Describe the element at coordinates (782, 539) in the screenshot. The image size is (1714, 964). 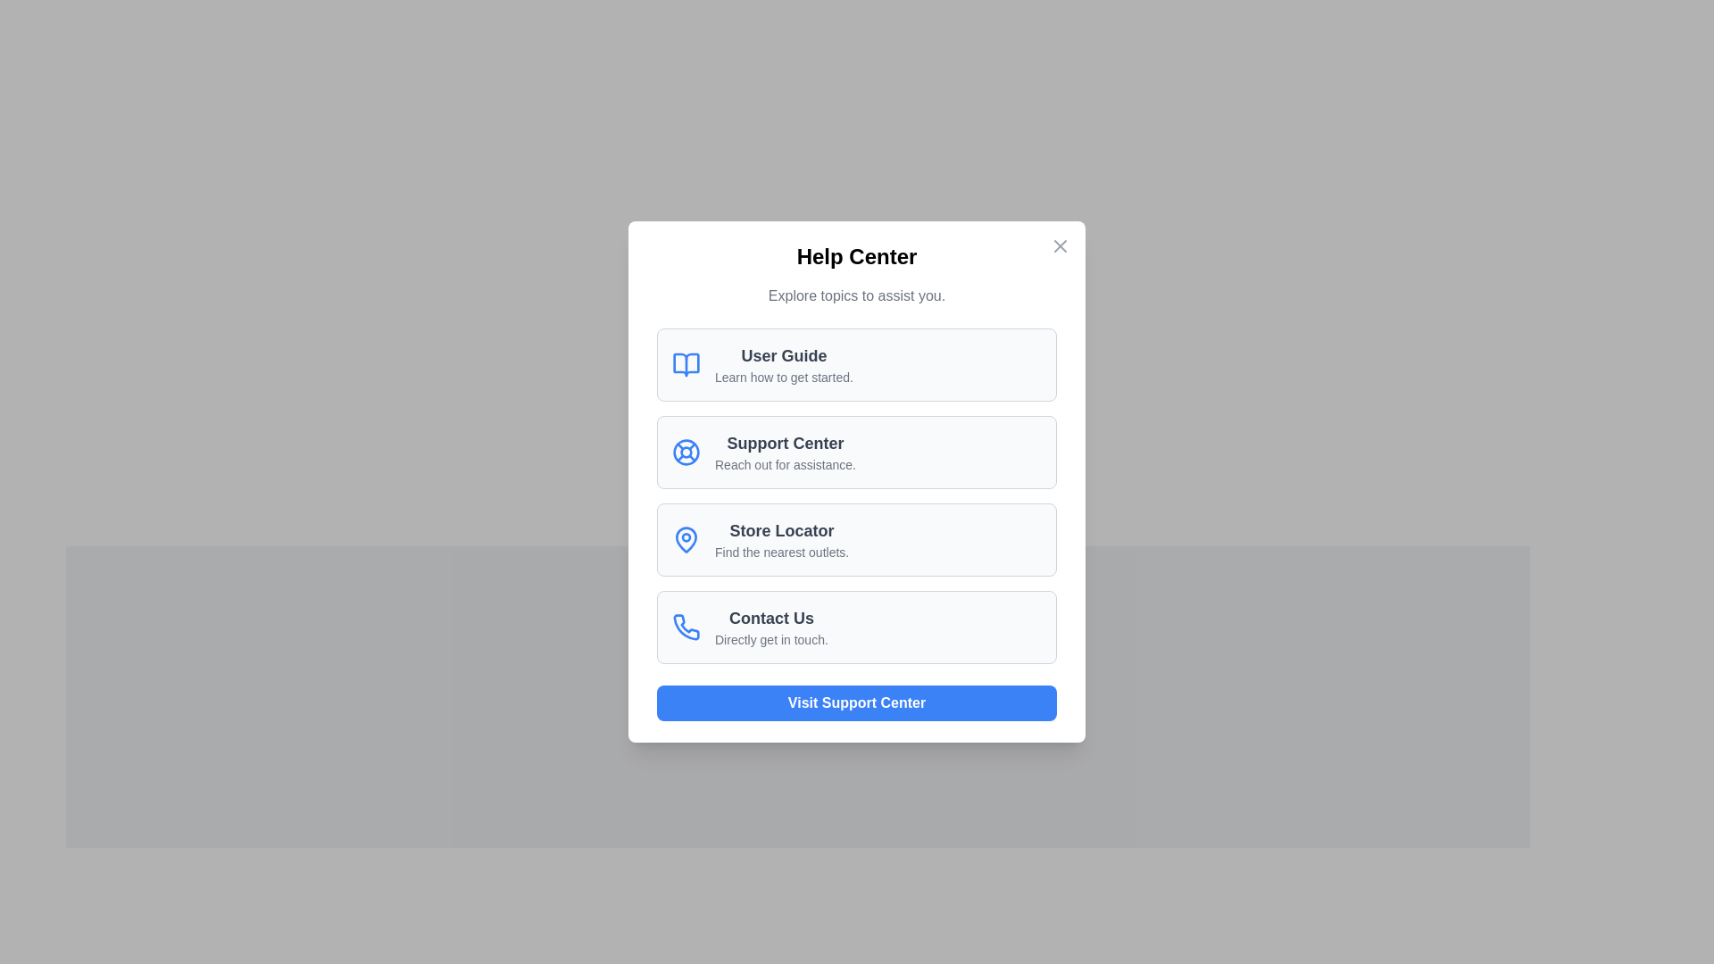
I see `the Store Locator text label located in the central modal, which is positioned beneath 'Support Center' and above 'Contact Us'` at that location.